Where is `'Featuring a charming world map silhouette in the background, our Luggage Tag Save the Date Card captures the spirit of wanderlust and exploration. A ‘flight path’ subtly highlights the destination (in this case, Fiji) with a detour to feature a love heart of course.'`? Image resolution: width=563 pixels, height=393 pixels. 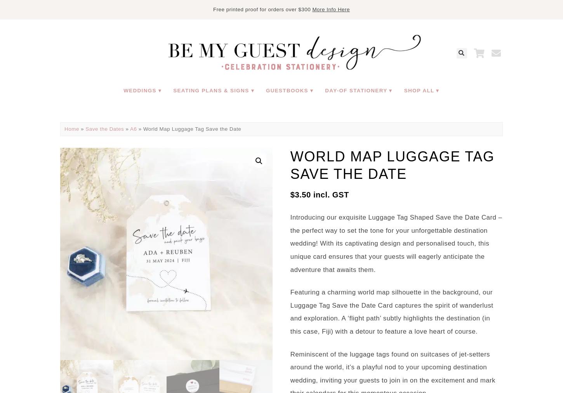
'Featuring a charming world map silhouette in the background, our Luggage Tag Save the Date Card captures the spirit of wanderlust and exploration. A ‘flight path’ subtly highlights the destination (in this case, Fiji) with a detour to feature a love heart of course.' is located at coordinates (391, 312).